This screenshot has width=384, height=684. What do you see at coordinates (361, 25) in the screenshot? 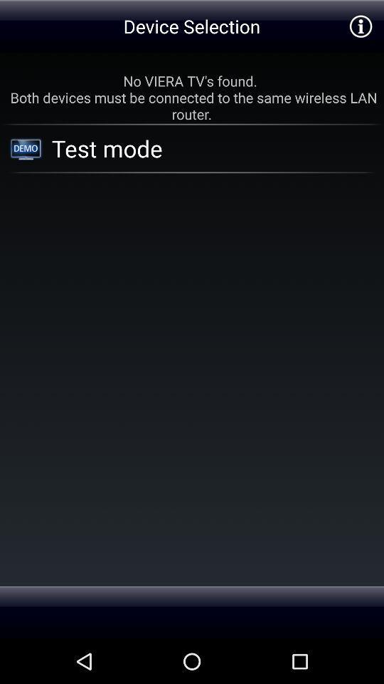
I see `the icon to the right of the device selection icon` at bounding box center [361, 25].